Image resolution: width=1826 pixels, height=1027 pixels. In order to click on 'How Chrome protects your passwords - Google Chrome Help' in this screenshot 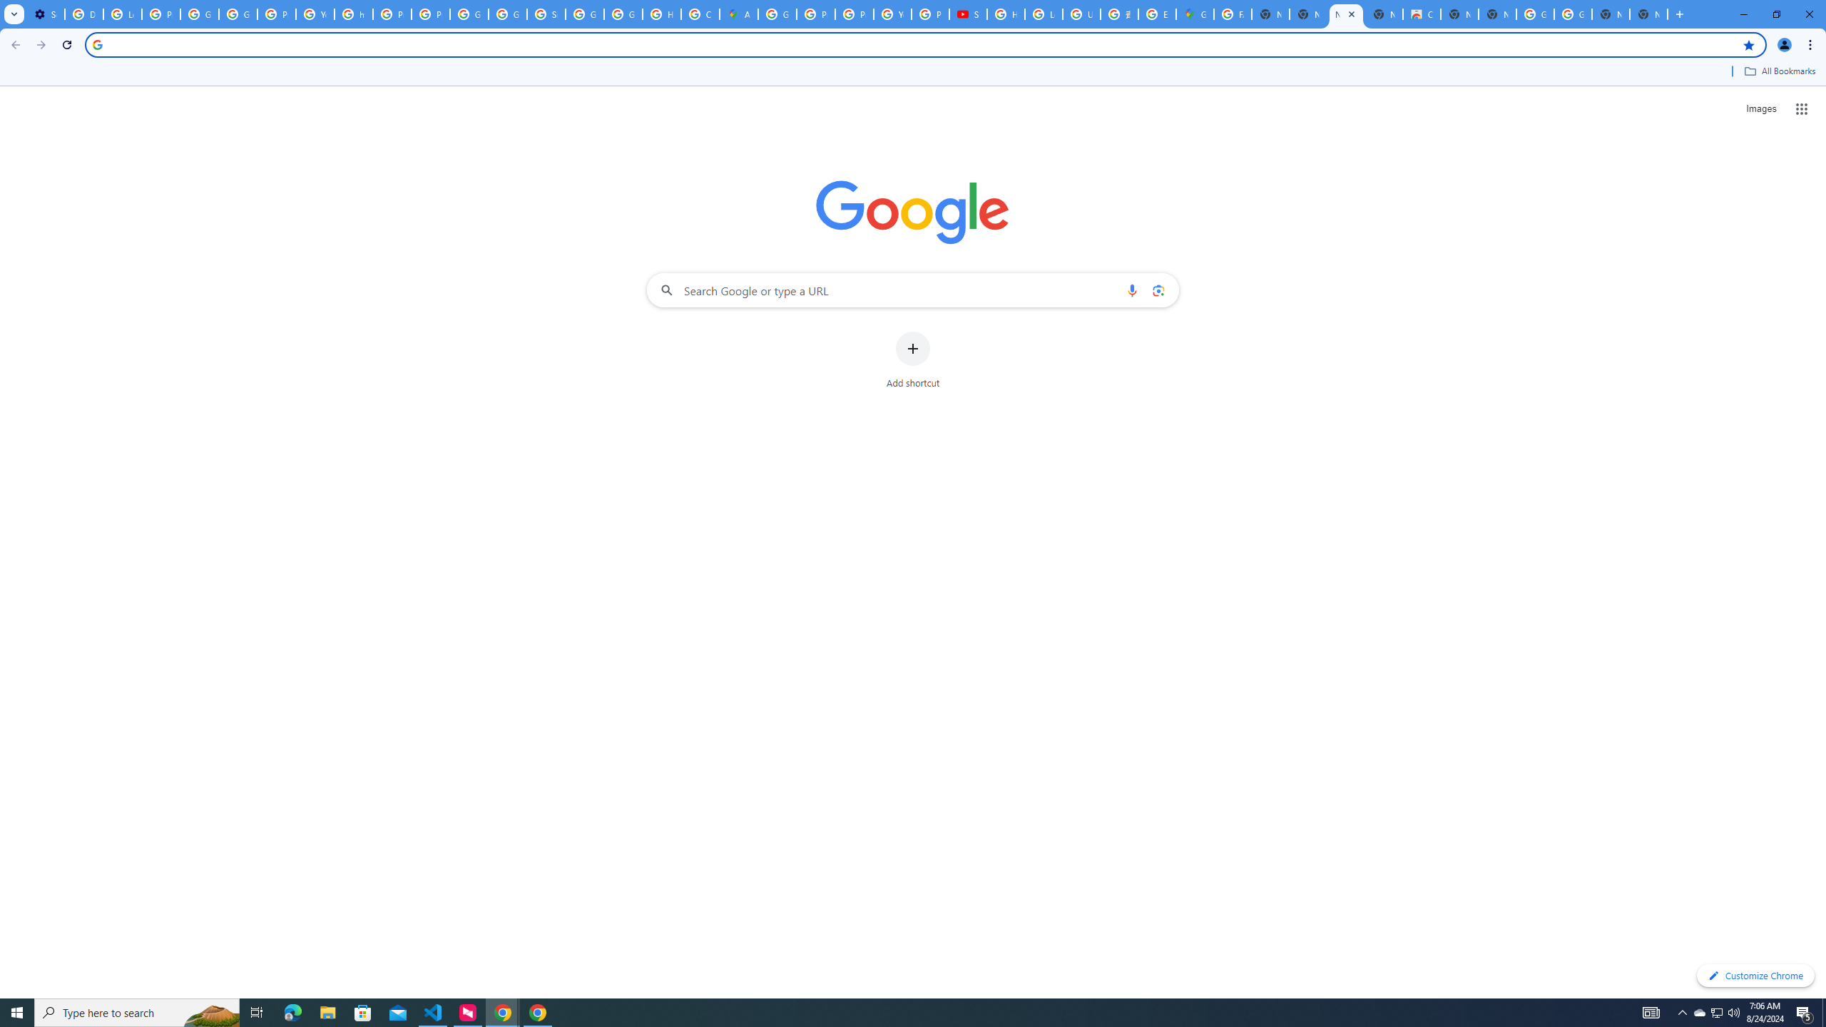, I will do `click(1006, 14)`.